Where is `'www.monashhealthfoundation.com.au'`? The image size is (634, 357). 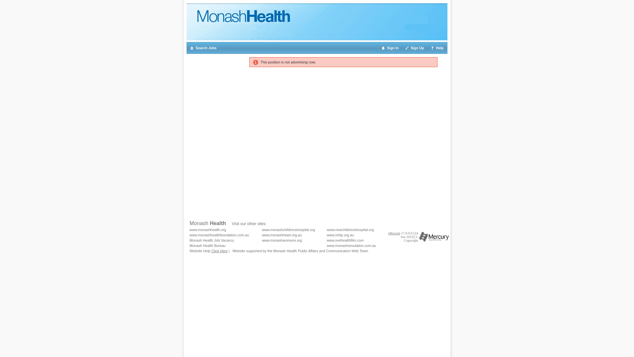
'www.monashhealthfoundation.com.au' is located at coordinates (189, 234).